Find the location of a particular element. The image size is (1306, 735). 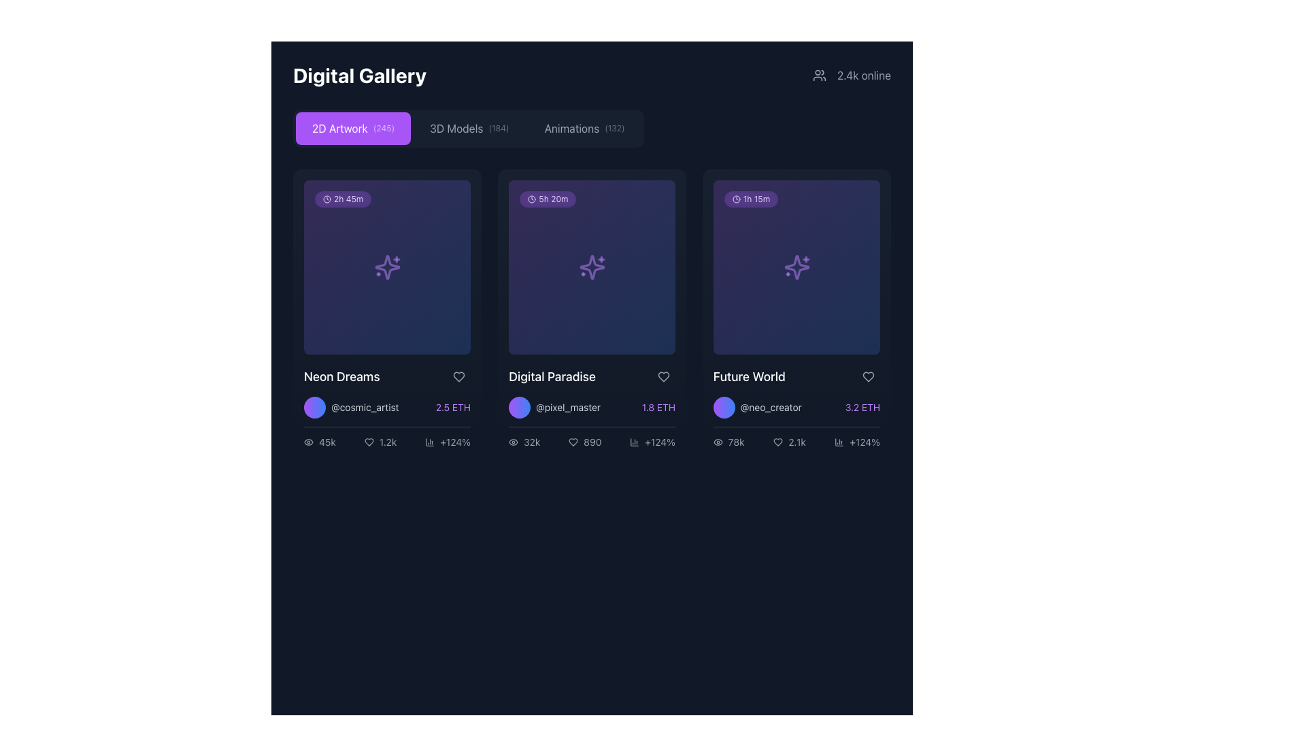

the Text and Icon Data Row displaying '45k', '1.2k', and '+124%' statistics, which is located in the bottom section of the component for the artwork 'Neon Dreams' is located at coordinates (386, 438).